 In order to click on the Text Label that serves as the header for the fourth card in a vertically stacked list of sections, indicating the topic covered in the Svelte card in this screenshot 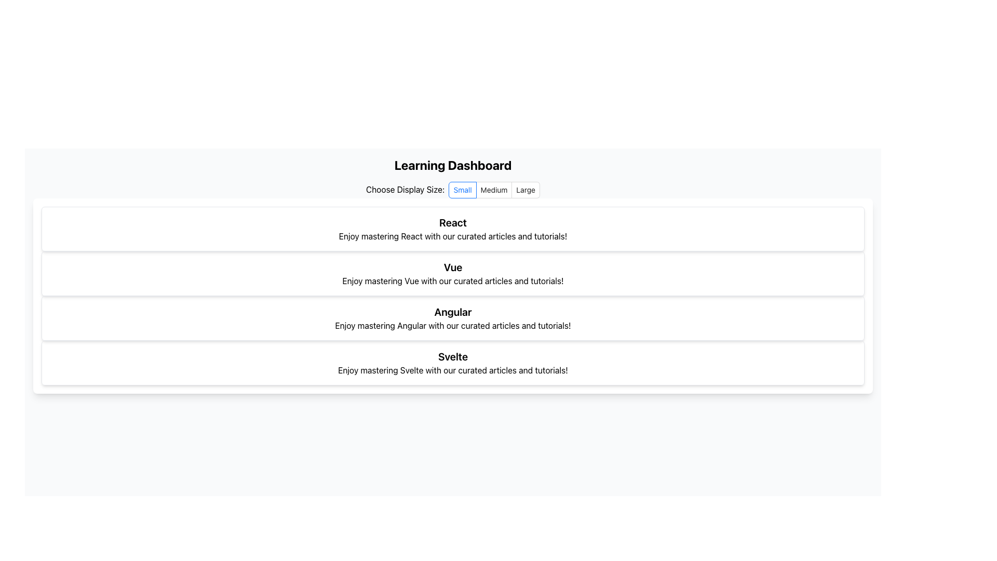, I will do `click(453, 356)`.